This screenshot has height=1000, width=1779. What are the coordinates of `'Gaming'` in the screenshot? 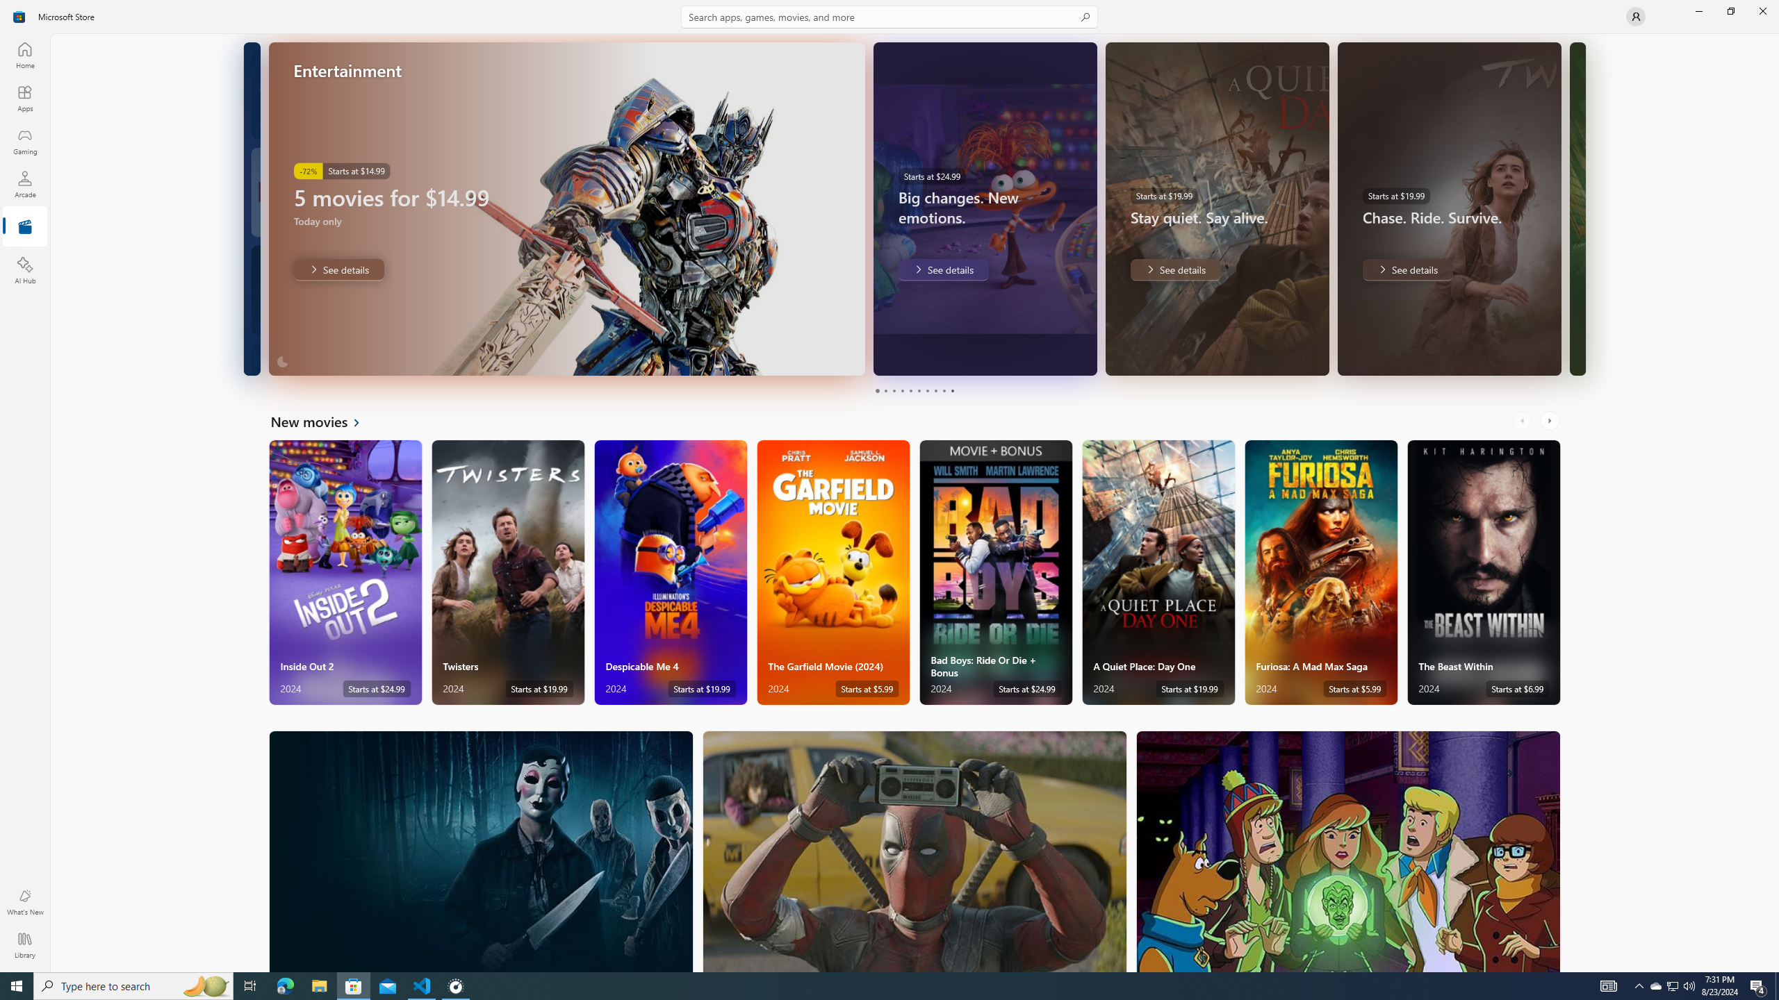 It's located at (24, 140).